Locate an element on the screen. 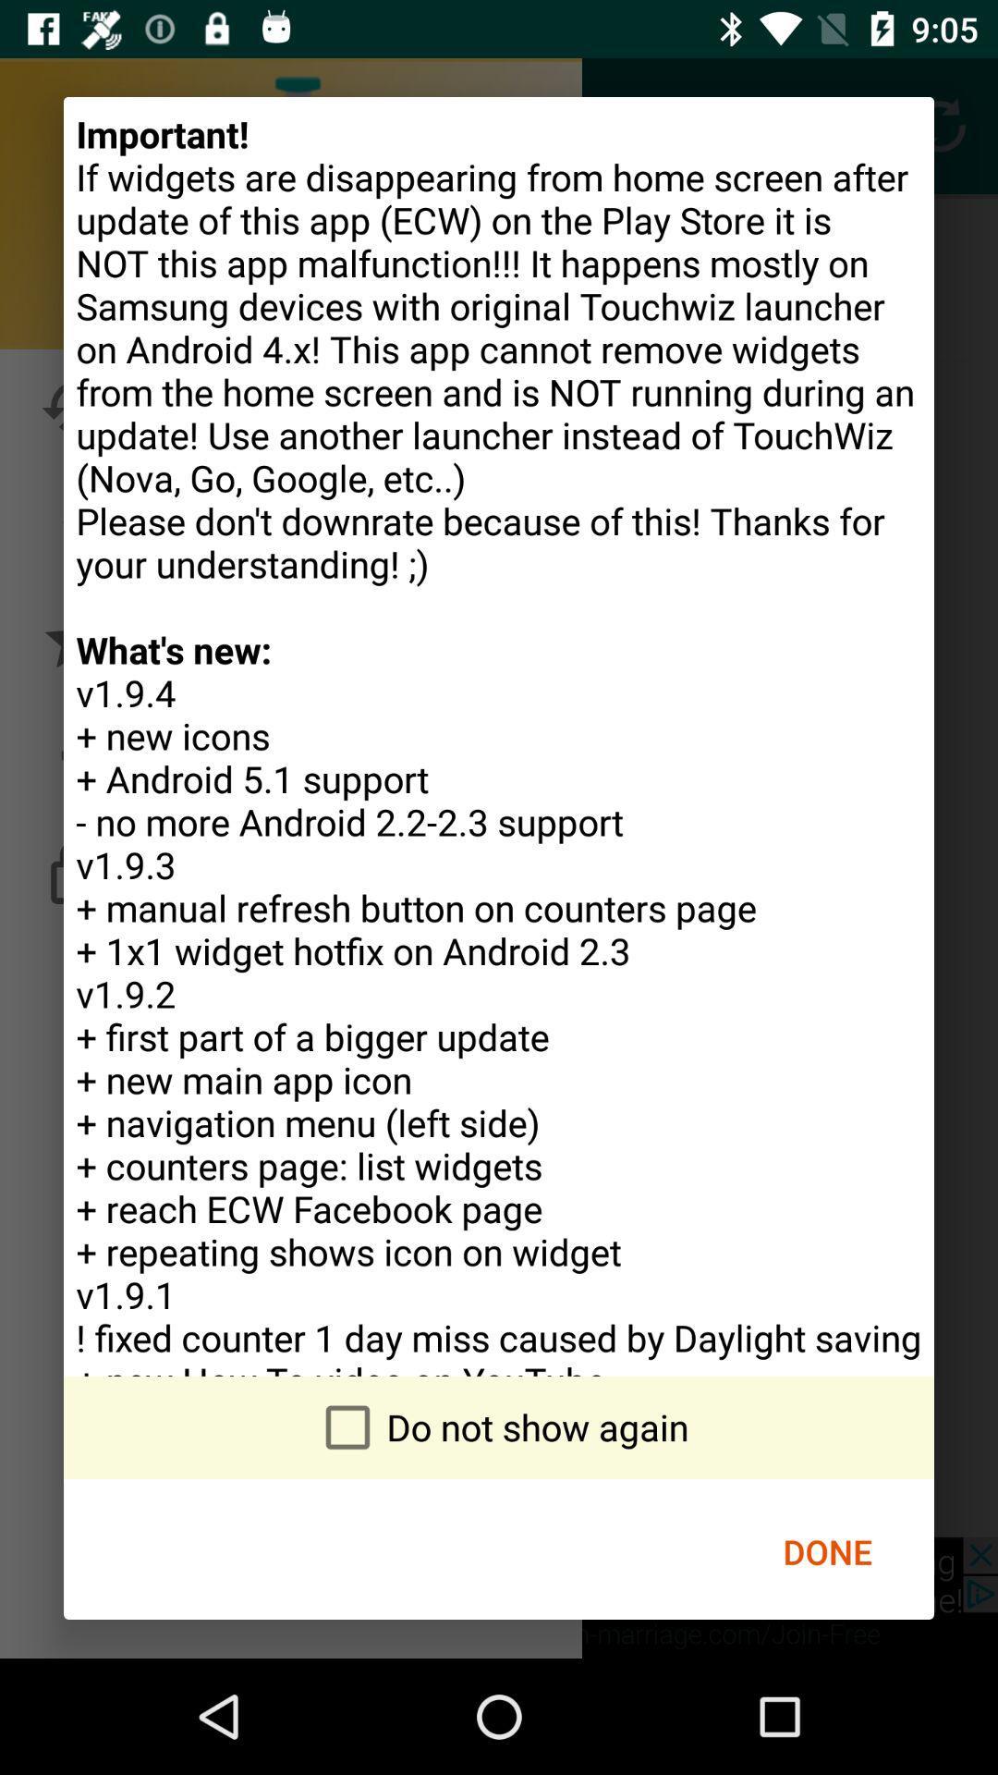 The image size is (998, 1775). do not show is located at coordinates (499, 1426).